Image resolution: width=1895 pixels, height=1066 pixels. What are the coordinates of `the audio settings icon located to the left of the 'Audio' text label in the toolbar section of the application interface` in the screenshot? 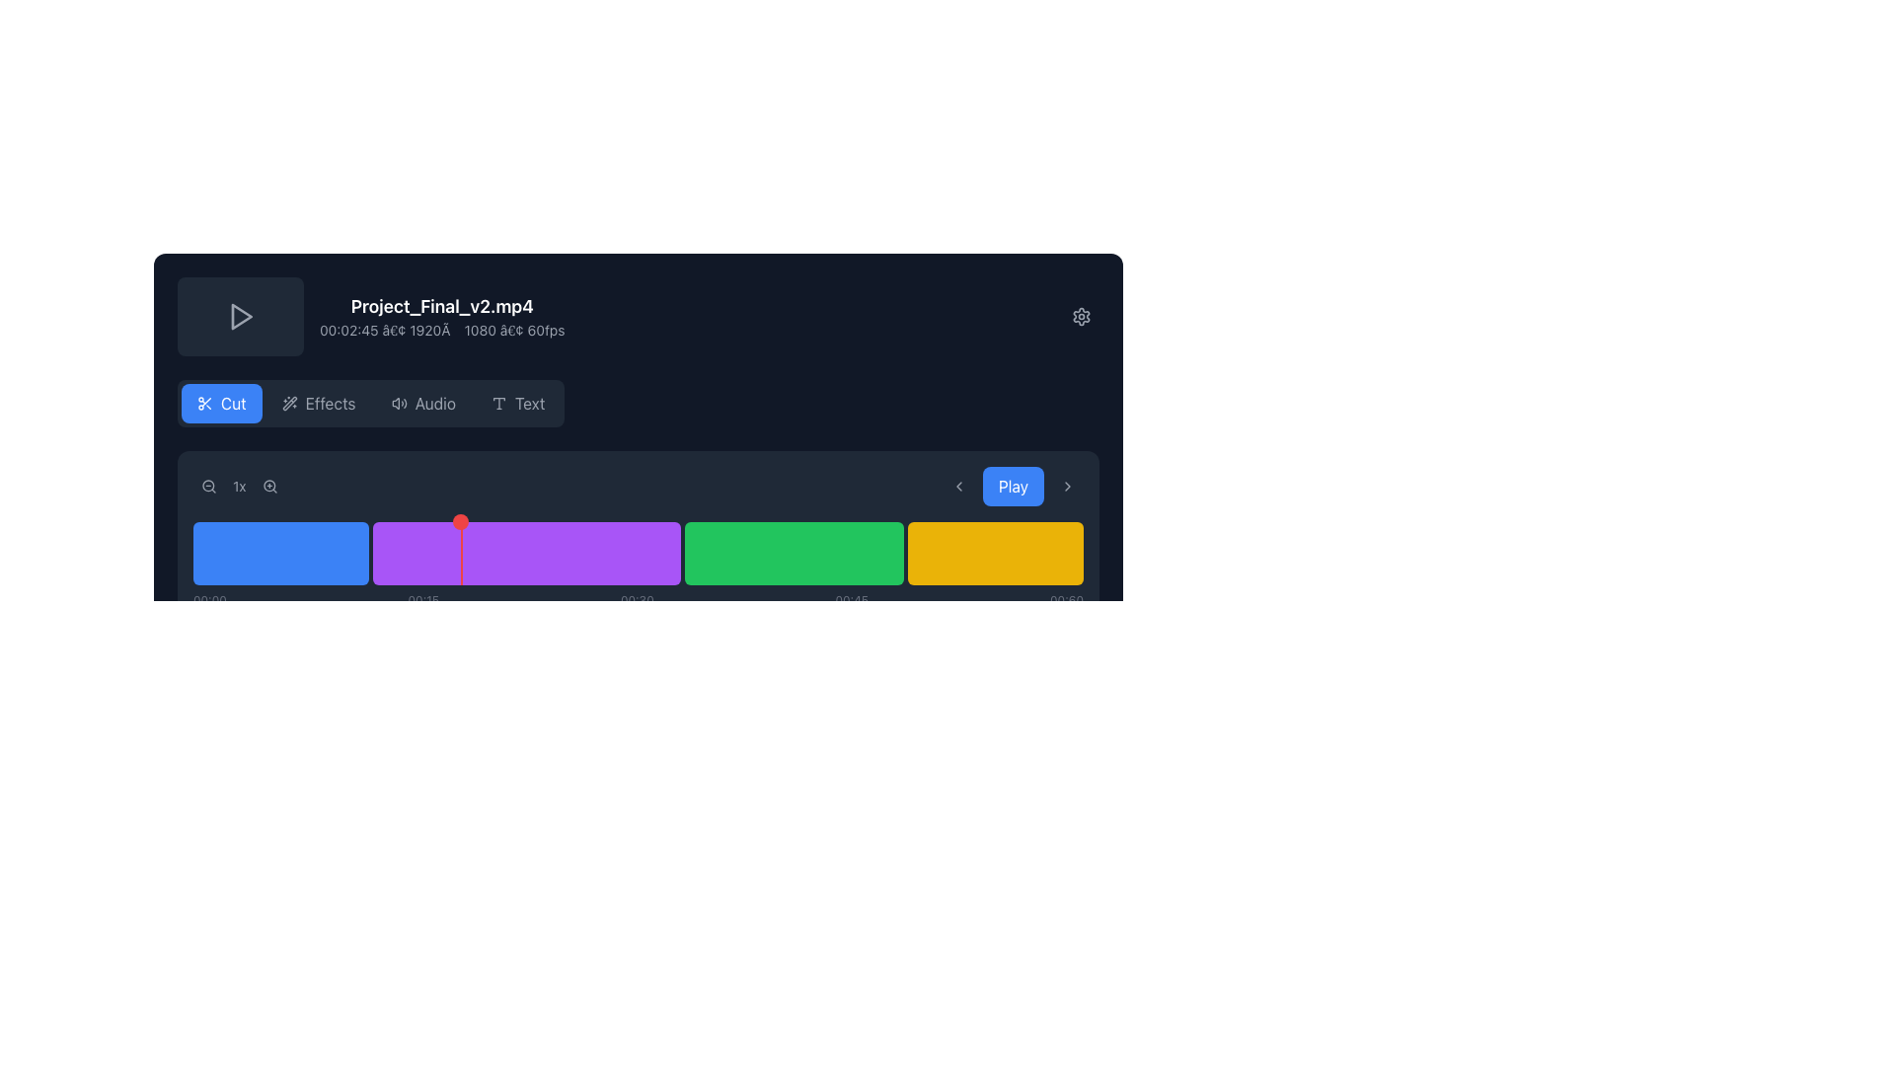 It's located at (398, 402).